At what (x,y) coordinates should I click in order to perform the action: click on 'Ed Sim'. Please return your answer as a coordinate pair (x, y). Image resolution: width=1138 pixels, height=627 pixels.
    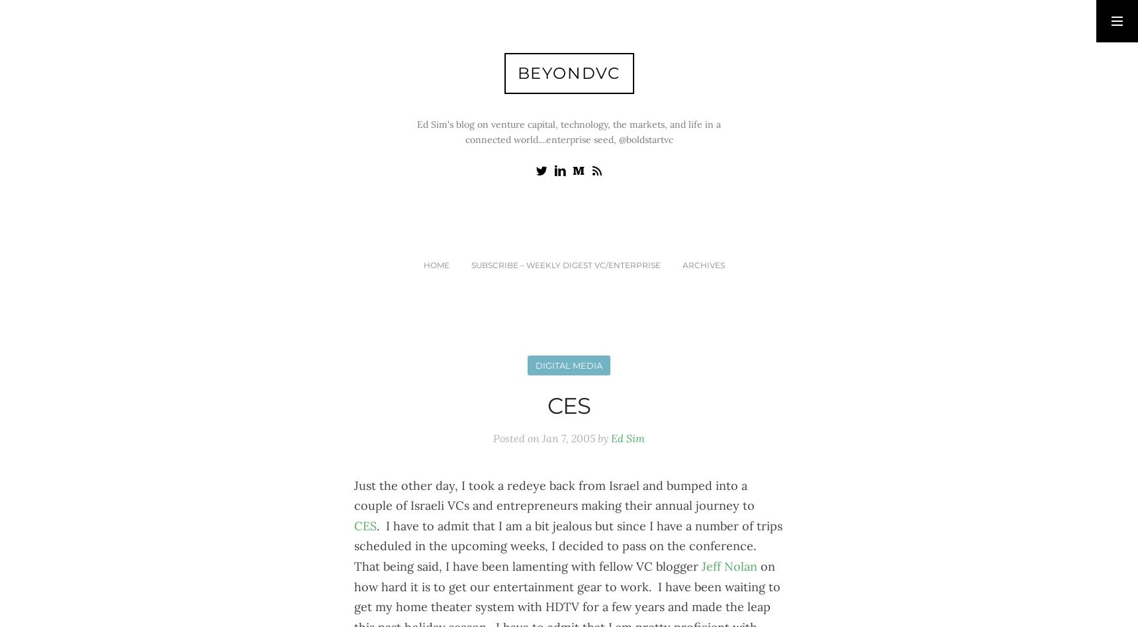
    Looking at the image, I should click on (627, 438).